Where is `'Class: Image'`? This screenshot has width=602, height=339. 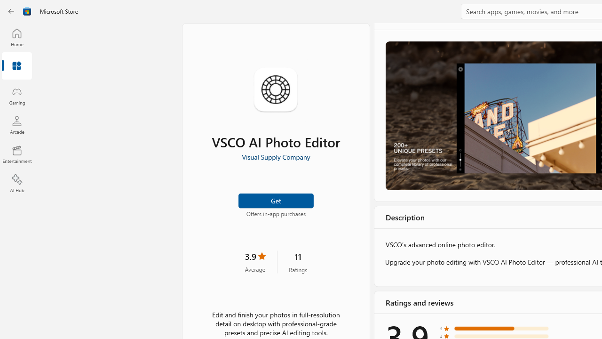 'Class: Image' is located at coordinates (27, 11).